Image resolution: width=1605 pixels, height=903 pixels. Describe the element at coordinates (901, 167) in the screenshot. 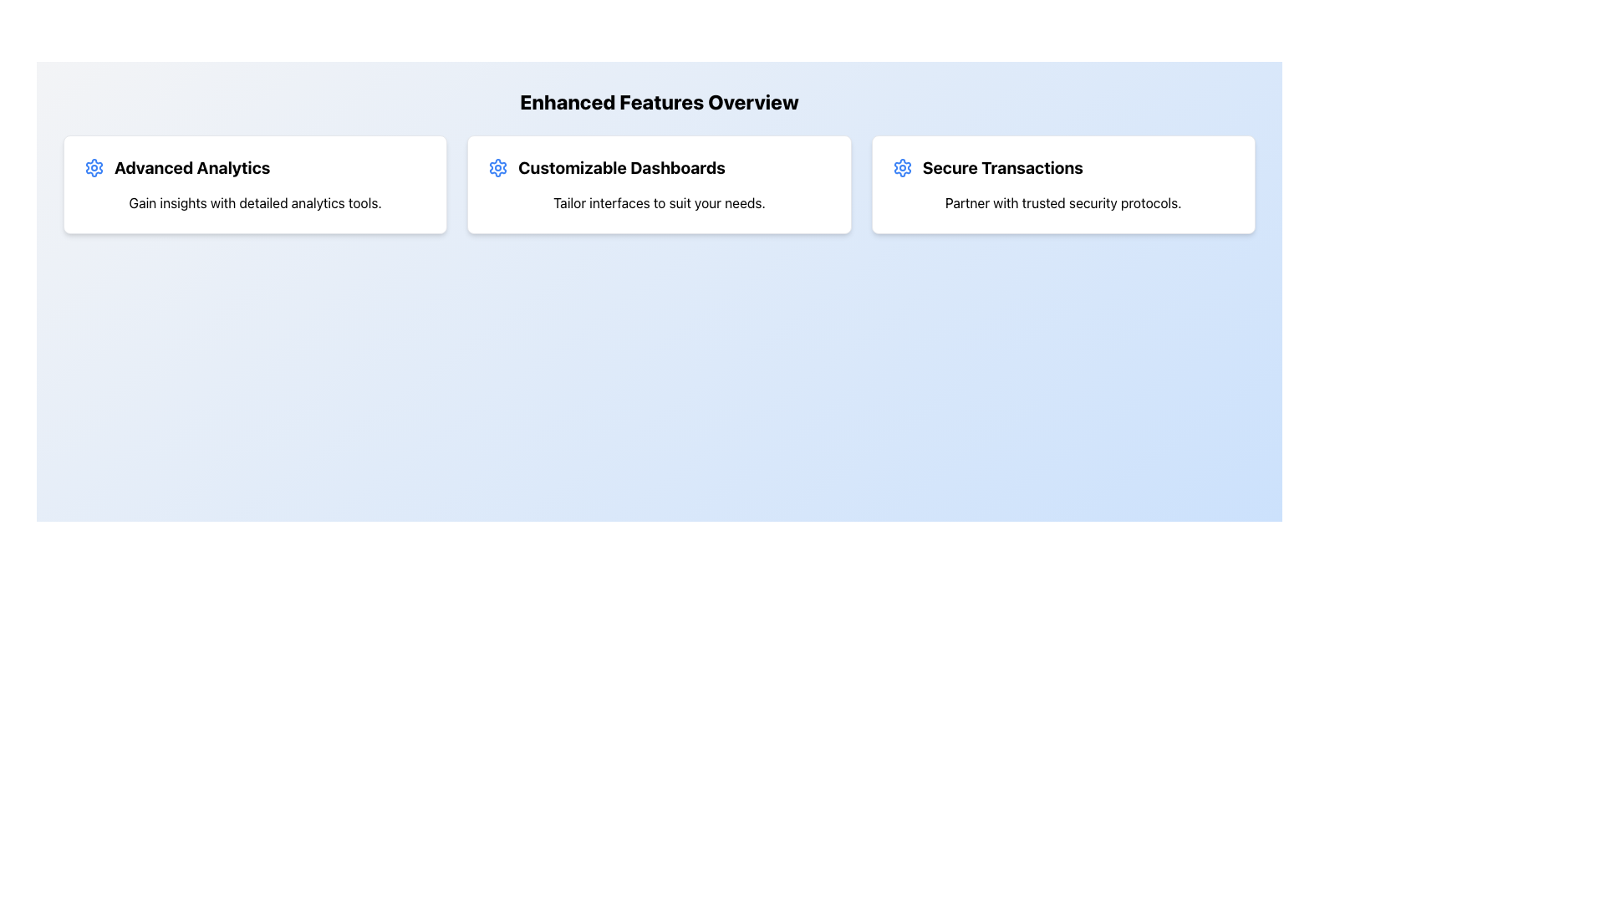

I see `the settings icon, which is a blue gear icon located to the left of the 'Secure Transactions' text in the interface` at that location.